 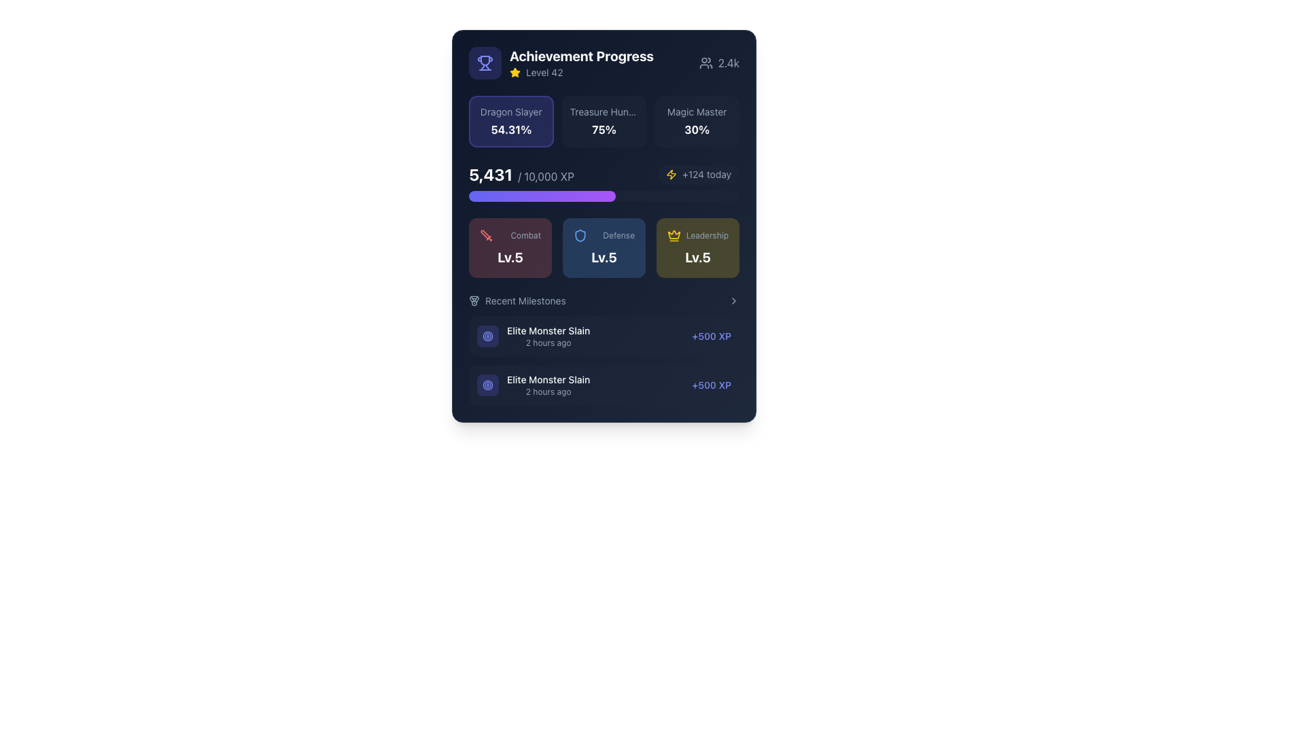 What do you see at coordinates (488, 385) in the screenshot?
I see `the largest SVG Circle Element representing a milestone in the 'Achievement Progress' card, located in the bottom left section adjacent` at bounding box center [488, 385].